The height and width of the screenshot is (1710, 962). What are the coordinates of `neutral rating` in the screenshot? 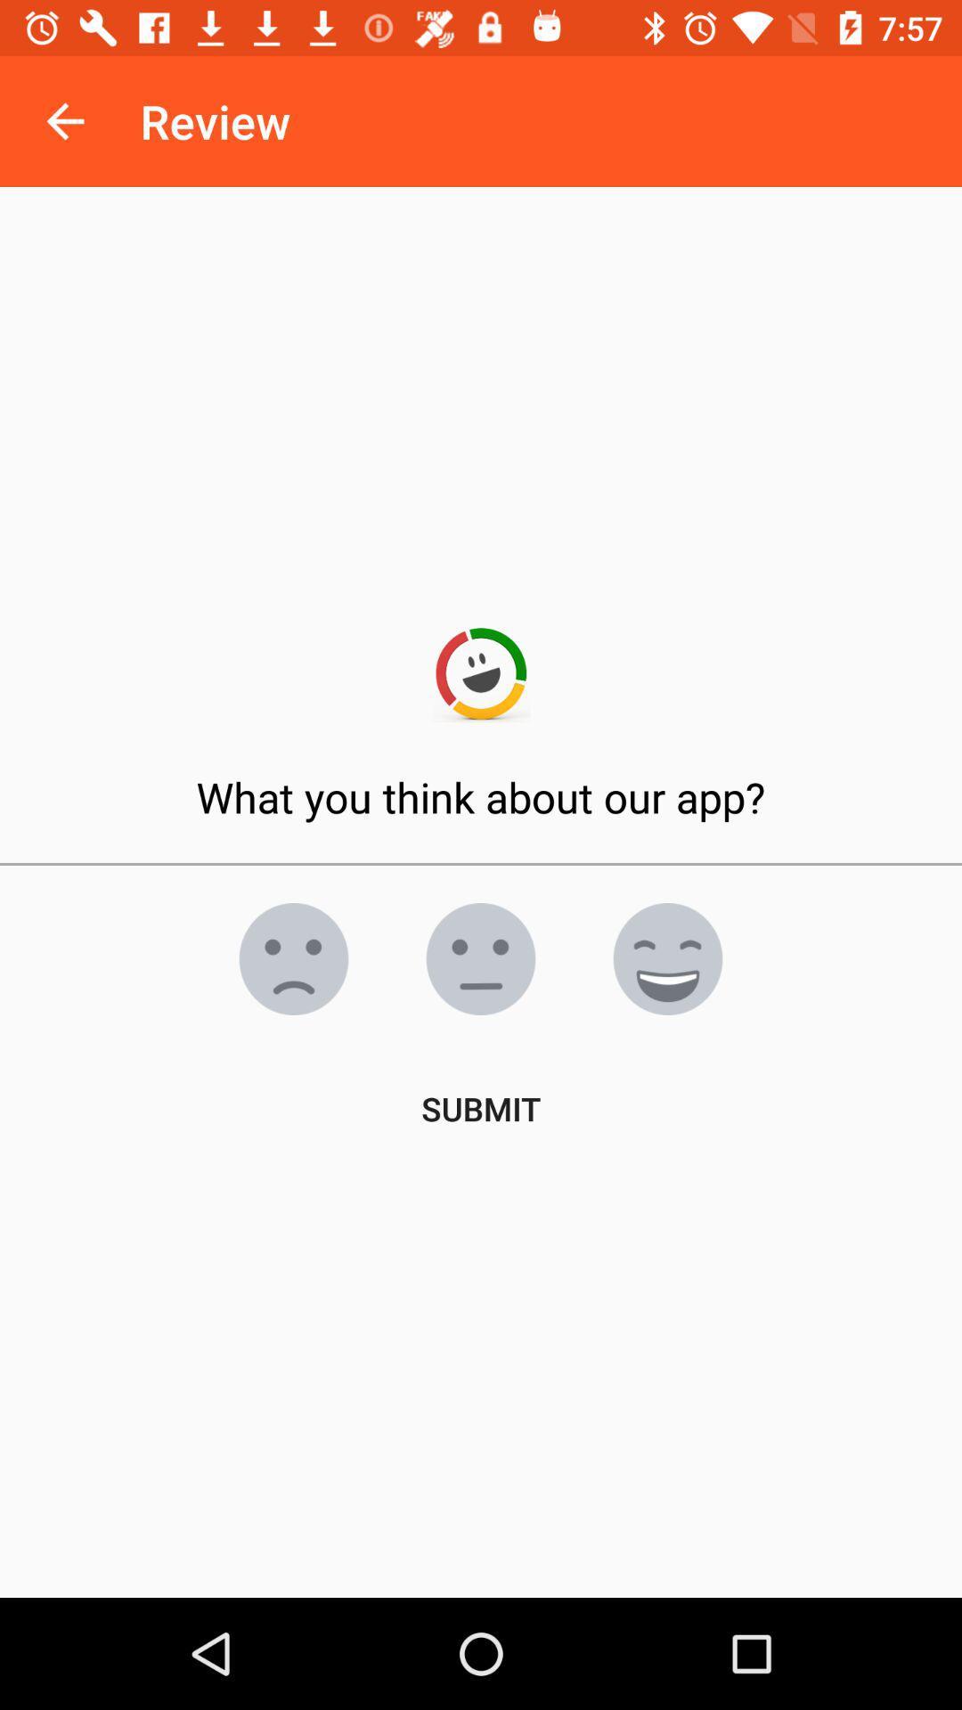 It's located at (481, 957).